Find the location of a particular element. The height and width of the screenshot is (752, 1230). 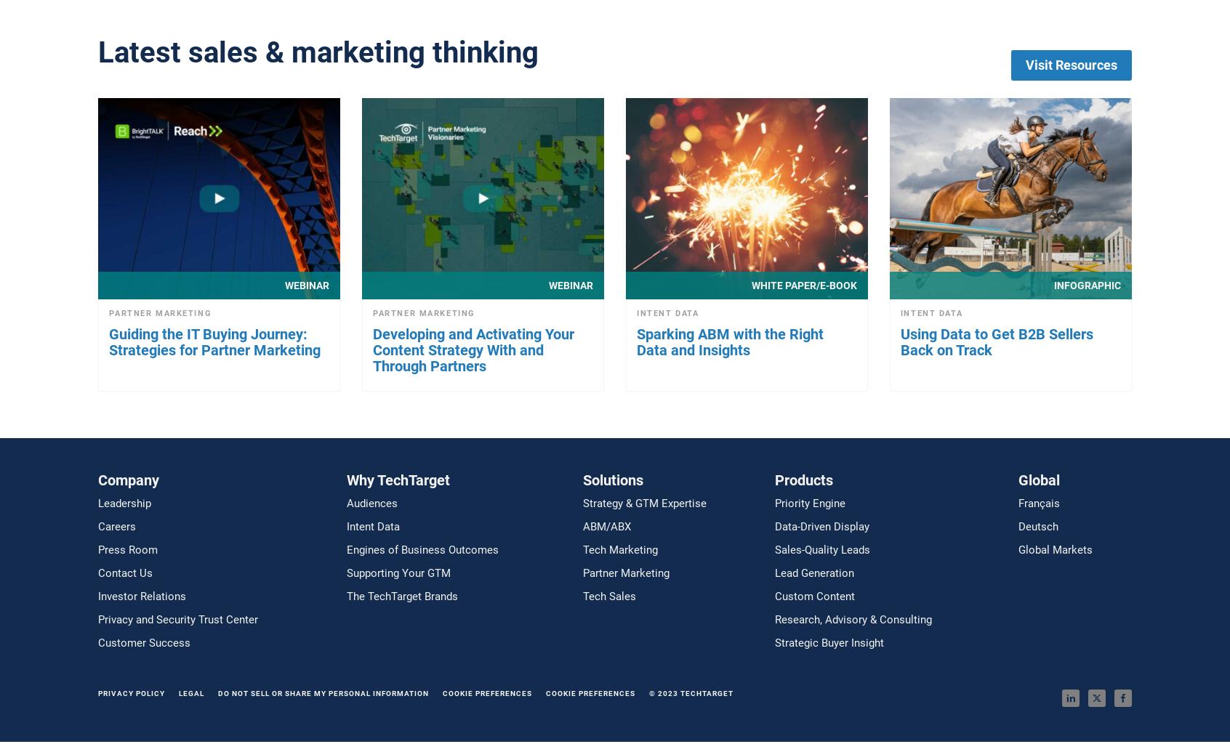

'DO NOT SELL OR SHARE MY PERSONAL INFORMATION' is located at coordinates (322, 692).